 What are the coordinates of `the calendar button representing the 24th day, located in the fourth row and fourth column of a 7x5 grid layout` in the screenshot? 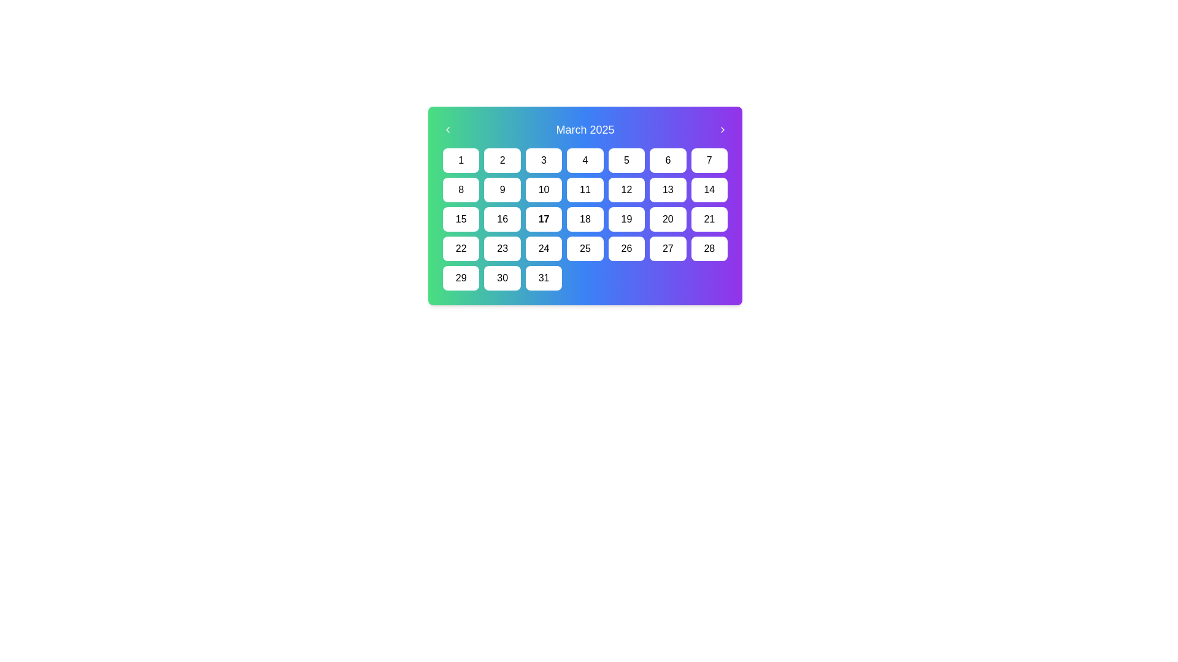 It's located at (543, 248).